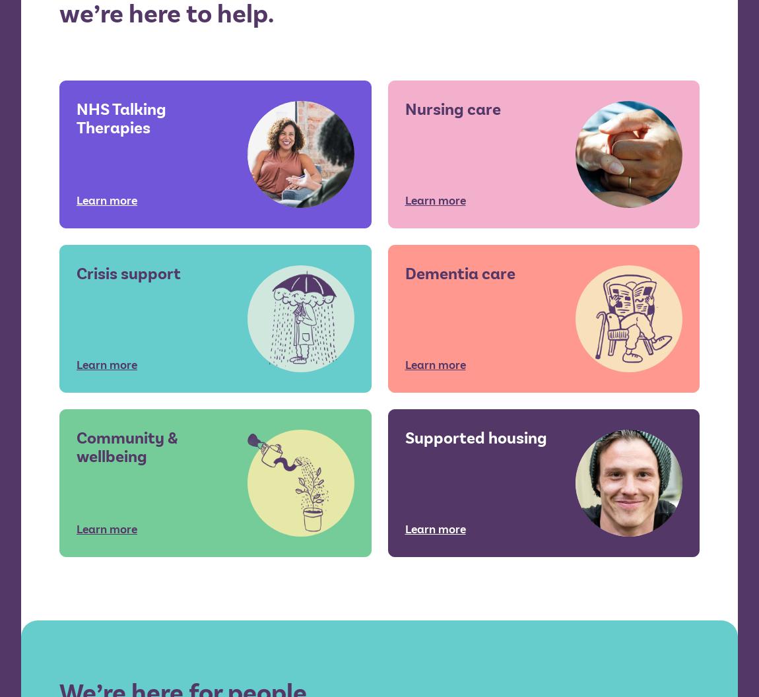 Image resolution: width=759 pixels, height=697 pixels. I want to click on 'Address', so click(251, 329).